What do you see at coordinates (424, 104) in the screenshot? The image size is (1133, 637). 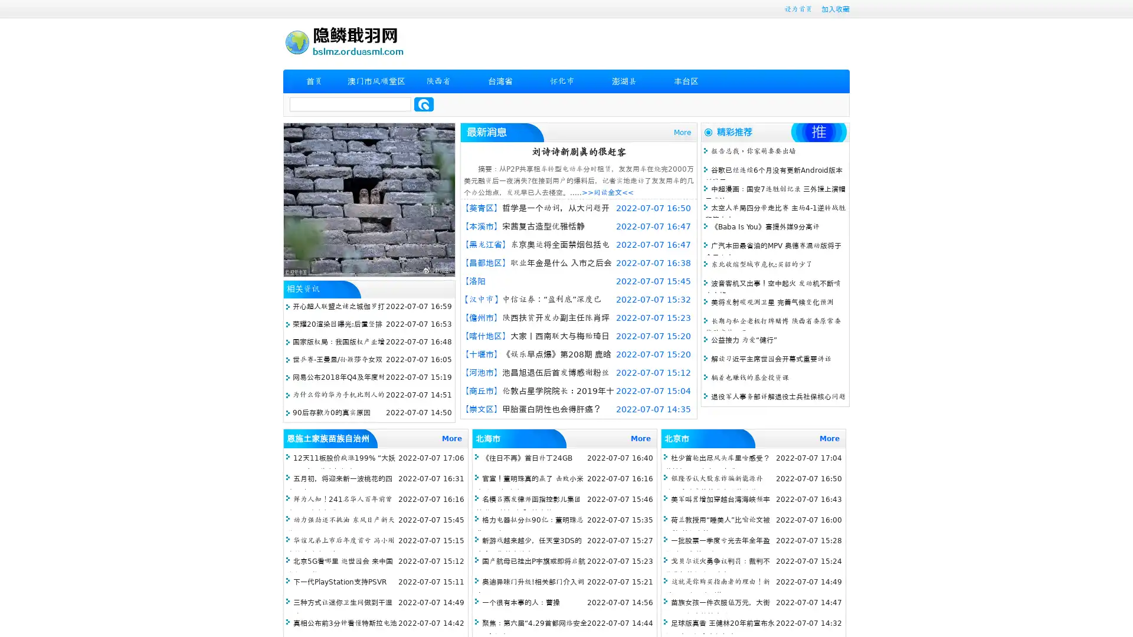 I see `Search` at bounding box center [424, 104].